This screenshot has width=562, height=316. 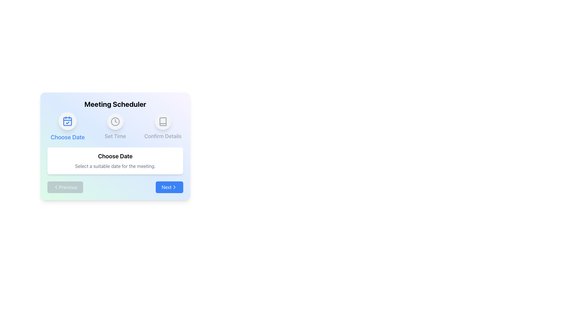 What do you see at coordinates (163, 121) in the screenshot?
I see `the 'Confirm Details' icon located in the third circle of the top row of icons` at bounding box center [163, 121].